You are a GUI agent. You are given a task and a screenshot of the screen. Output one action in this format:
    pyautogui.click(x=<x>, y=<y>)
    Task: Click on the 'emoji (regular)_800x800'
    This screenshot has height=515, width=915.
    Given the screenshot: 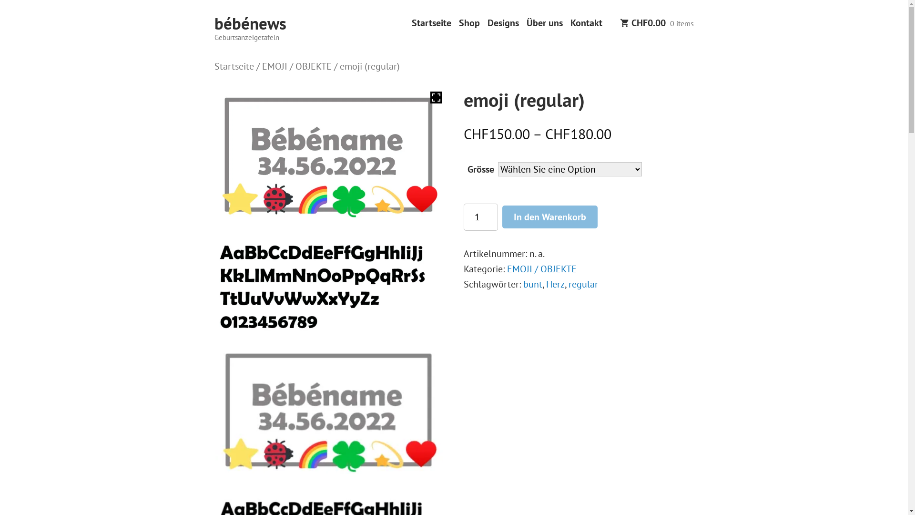 What is the action you would take?
    pyautogui.click(x=329, y=154)
    